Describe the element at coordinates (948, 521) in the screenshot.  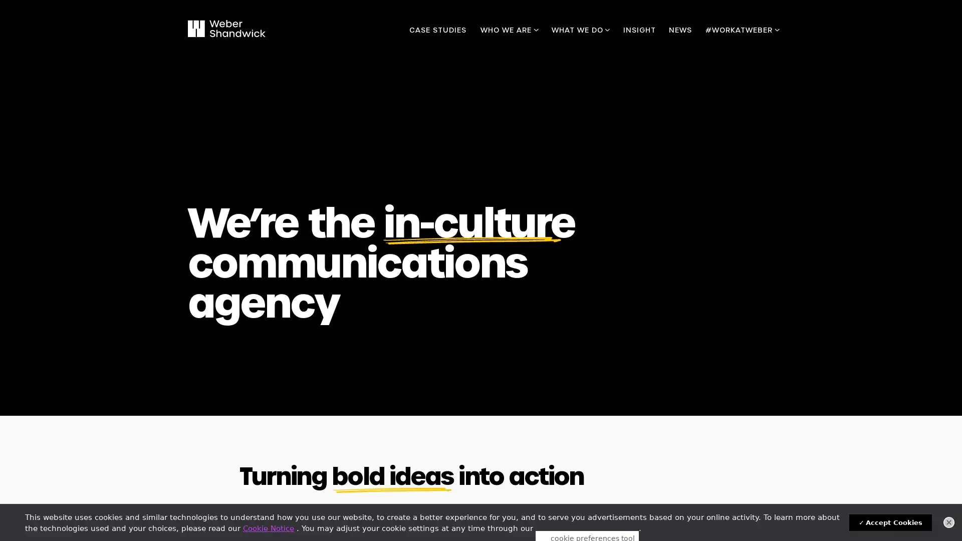
I see `Close` at that location.